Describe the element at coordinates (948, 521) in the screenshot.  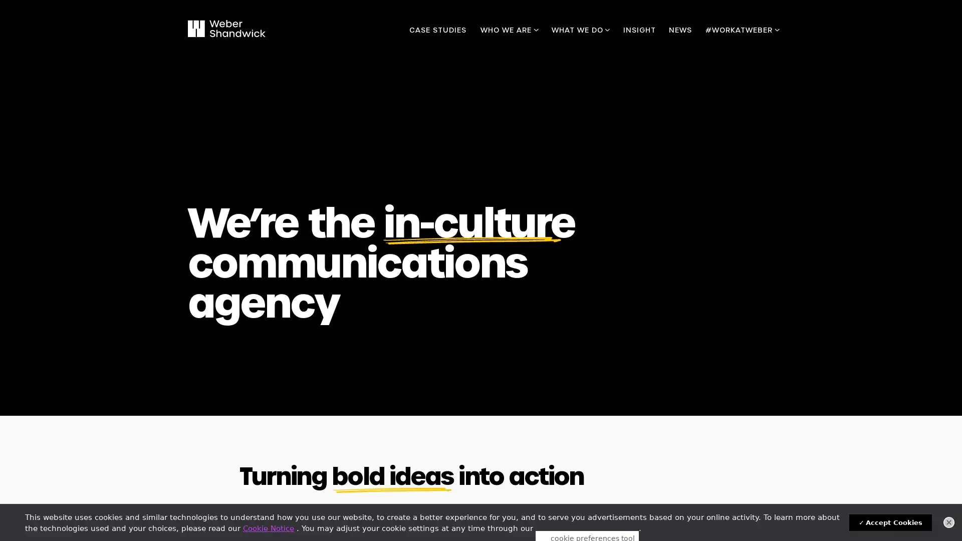
I see `Close` at that location.